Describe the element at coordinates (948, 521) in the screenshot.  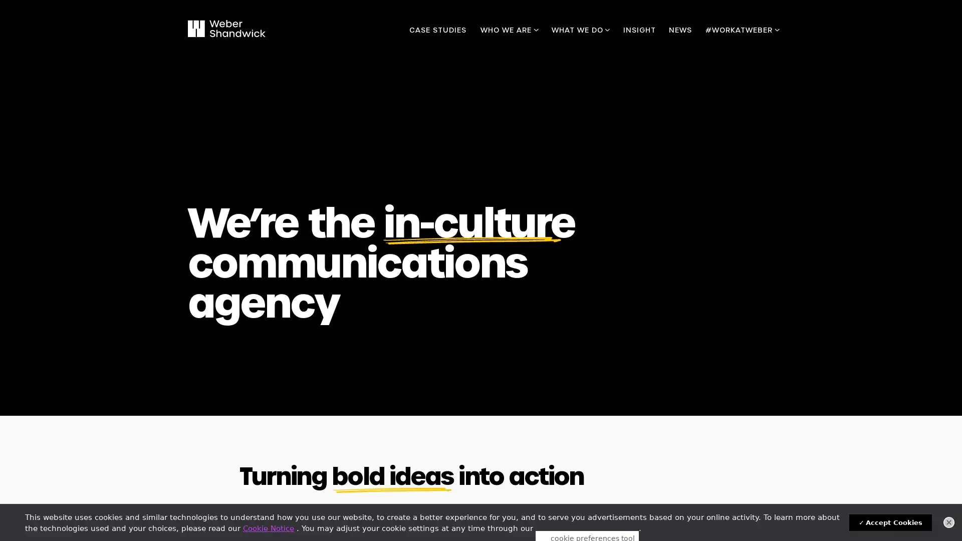
I see `Close` at that location.